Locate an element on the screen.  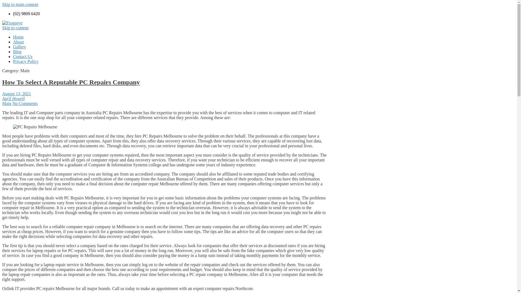
'About' is located at coordinates (18, 42).